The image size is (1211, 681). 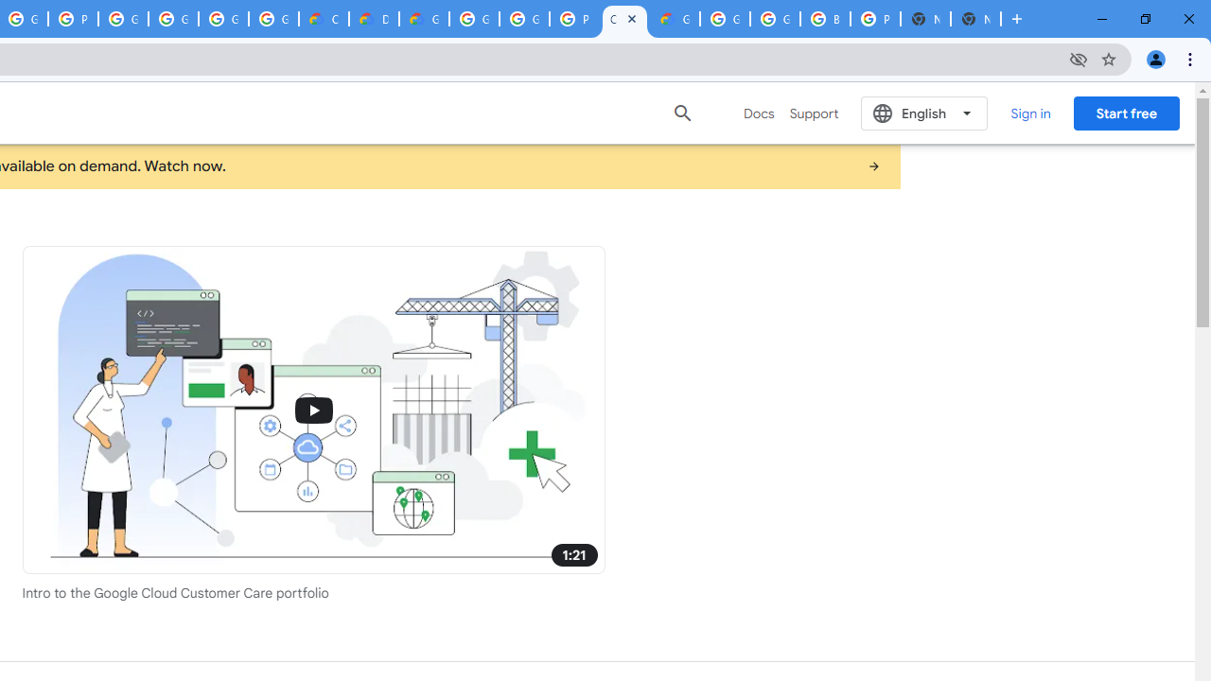 What do you see at coordinates (474, 19) in the screenshot?
I see `'Google Cloud Platform'` at bounding box center [474, 19].